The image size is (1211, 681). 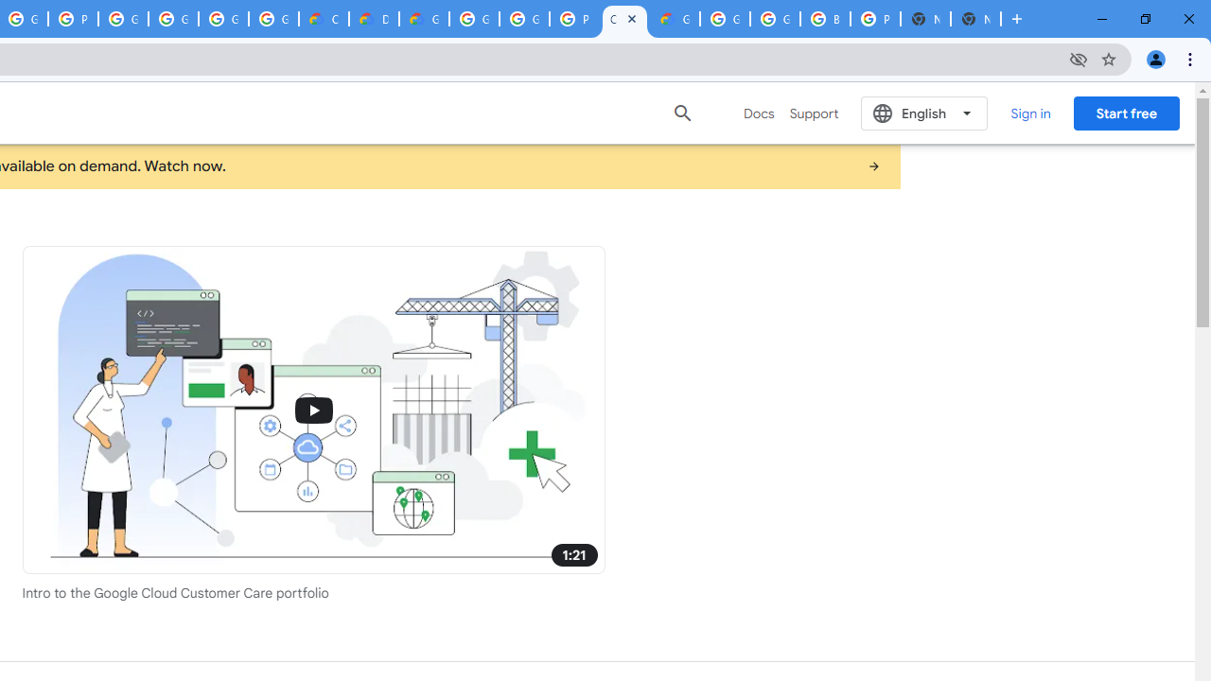 What do you see at coordinates (474, 19) in the screenshot?
I see `'Google Cloud Platform'` at bounding box center [474, 19].